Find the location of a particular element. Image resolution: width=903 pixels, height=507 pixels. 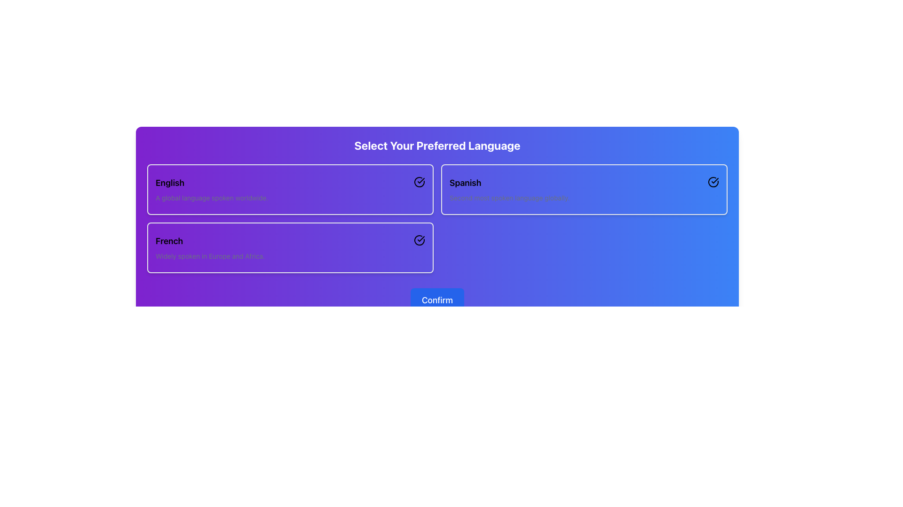

the circular icon with a checkmark in the center, which is located in the top-left card of the language selection section labeled 'English' is located at coordinates (419, 182).